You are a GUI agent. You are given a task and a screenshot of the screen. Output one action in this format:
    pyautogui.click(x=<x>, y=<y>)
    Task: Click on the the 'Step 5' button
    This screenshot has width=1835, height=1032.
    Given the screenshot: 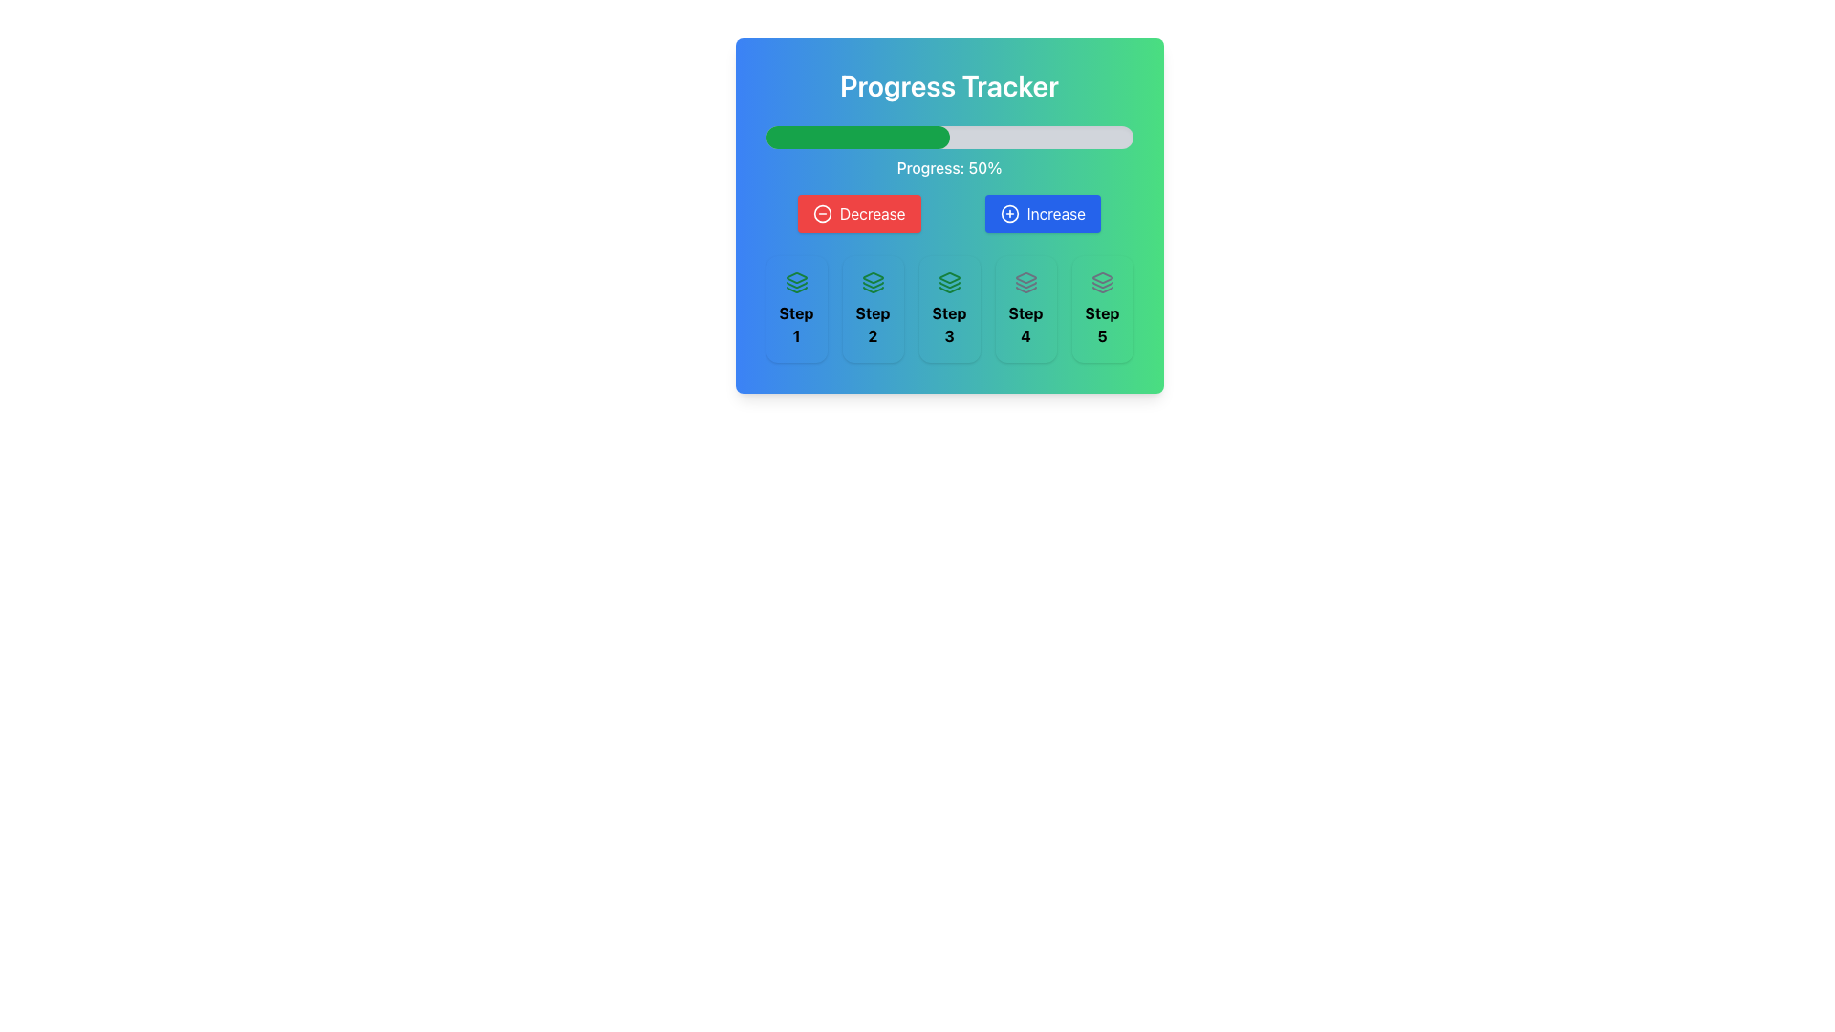 What is the action you would take?
    pyautogui.click(x=1102, y=283)
    